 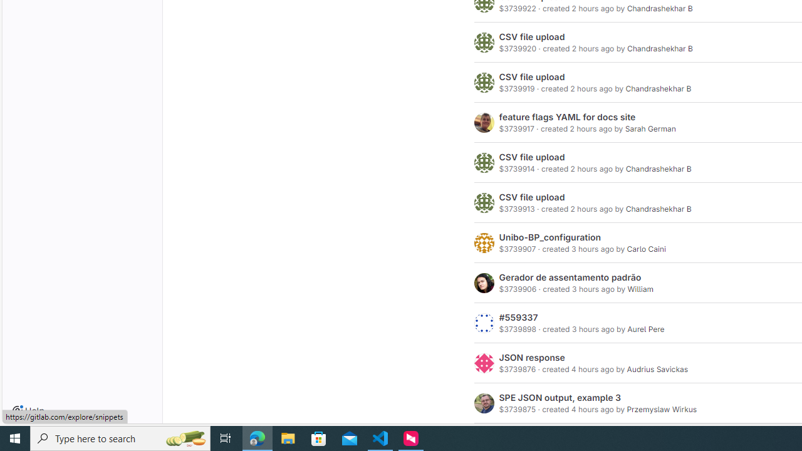 What do you see at coordinates (28, 410) in the screenshot?
I see `'Help'` at bounding box center [28, 410].